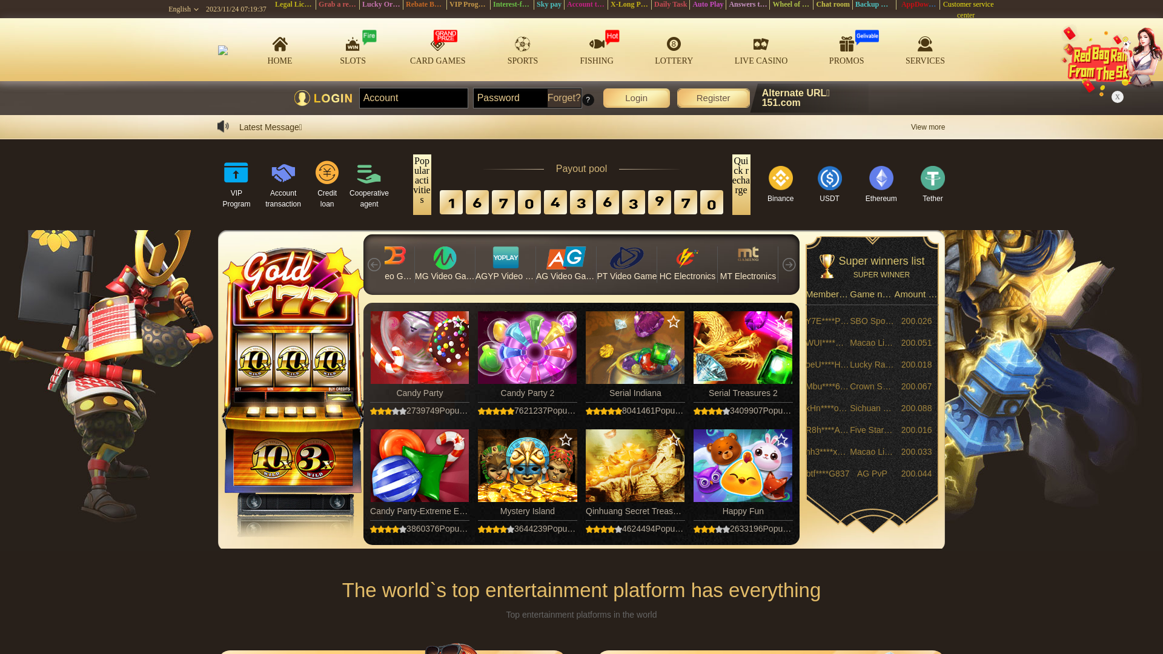 Image resolution: width=1163 pixels, height=654 pixels. Describe the element at coordinates (673, 49) in the screenshot. I see `'LOTTERY'` at that location.